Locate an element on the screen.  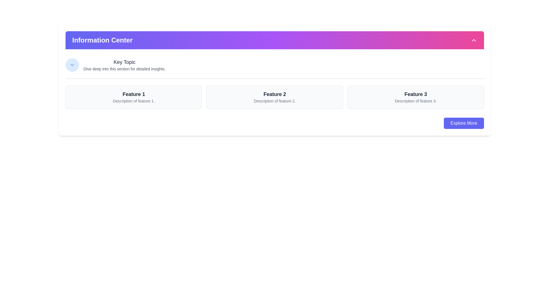
text content of the informative header text block located directly underneath the purple 'Information Center' header, positioned to the right of a circular blue icon with a chevron is located at coordinates (124, 65).